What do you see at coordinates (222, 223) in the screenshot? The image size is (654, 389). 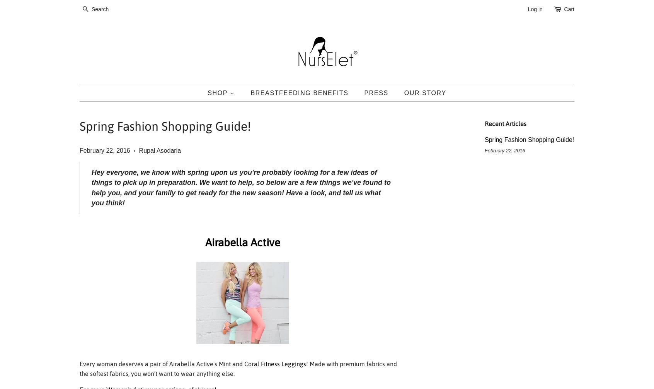 I see `'WALL ART'` at bounding box center [222, 223].